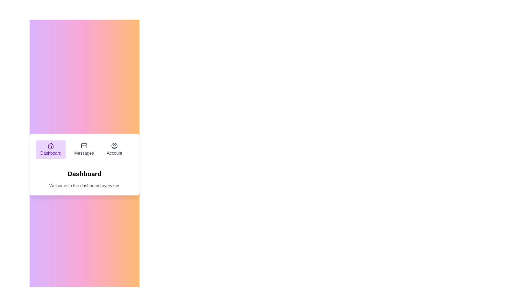 This screenshot has width=516, height=290. What do you see at coordinates (84, 149) in the screenshot?
I see `the Messages tab to view its content` at bounding box center [84, 149].